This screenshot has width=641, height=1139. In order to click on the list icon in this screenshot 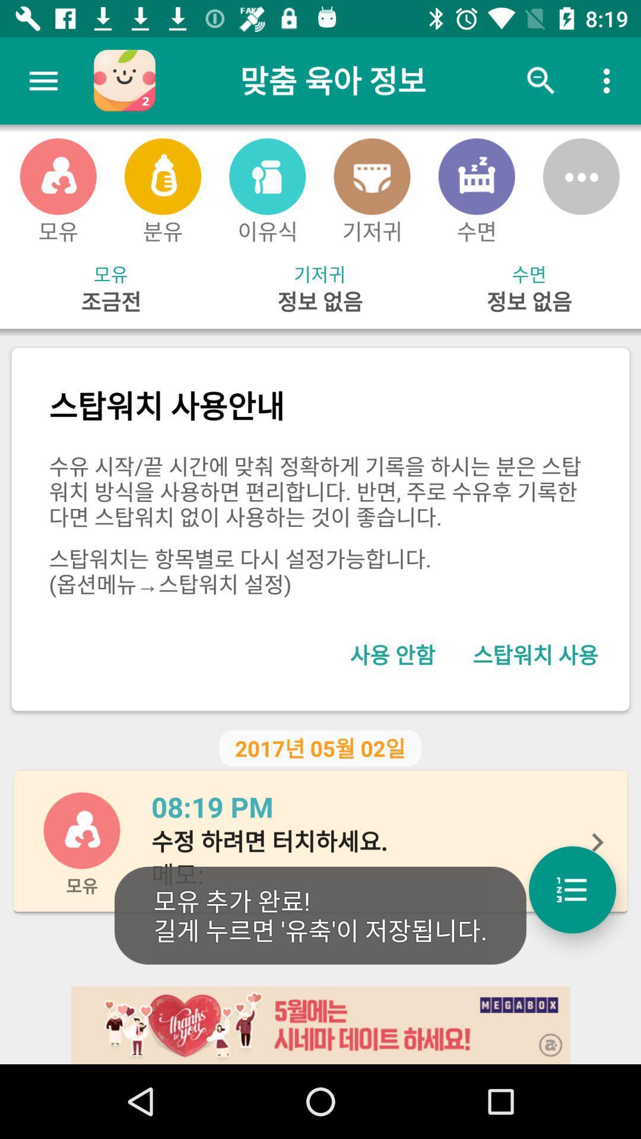, I will do `click(572, 889)`.